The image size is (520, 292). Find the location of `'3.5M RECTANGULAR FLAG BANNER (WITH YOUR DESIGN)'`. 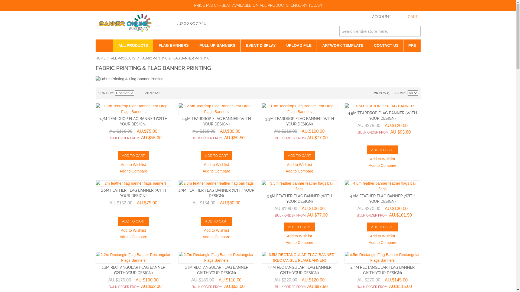

'3.5M RECTANGULAR FLAG BANNER (WITH YOUR DESIGN)' is located at coordinates (299, 270).